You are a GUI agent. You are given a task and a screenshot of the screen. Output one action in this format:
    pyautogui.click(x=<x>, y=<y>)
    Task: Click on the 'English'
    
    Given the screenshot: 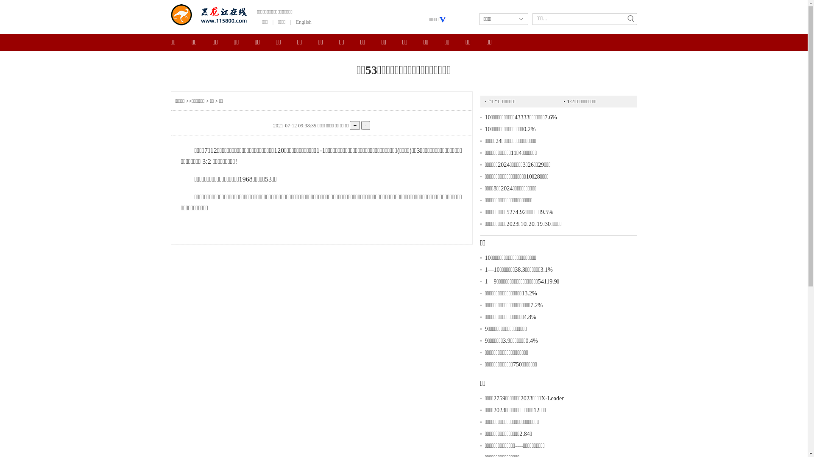 What is the action you would take?
    pyautogui.click(x=304, y=21)
    